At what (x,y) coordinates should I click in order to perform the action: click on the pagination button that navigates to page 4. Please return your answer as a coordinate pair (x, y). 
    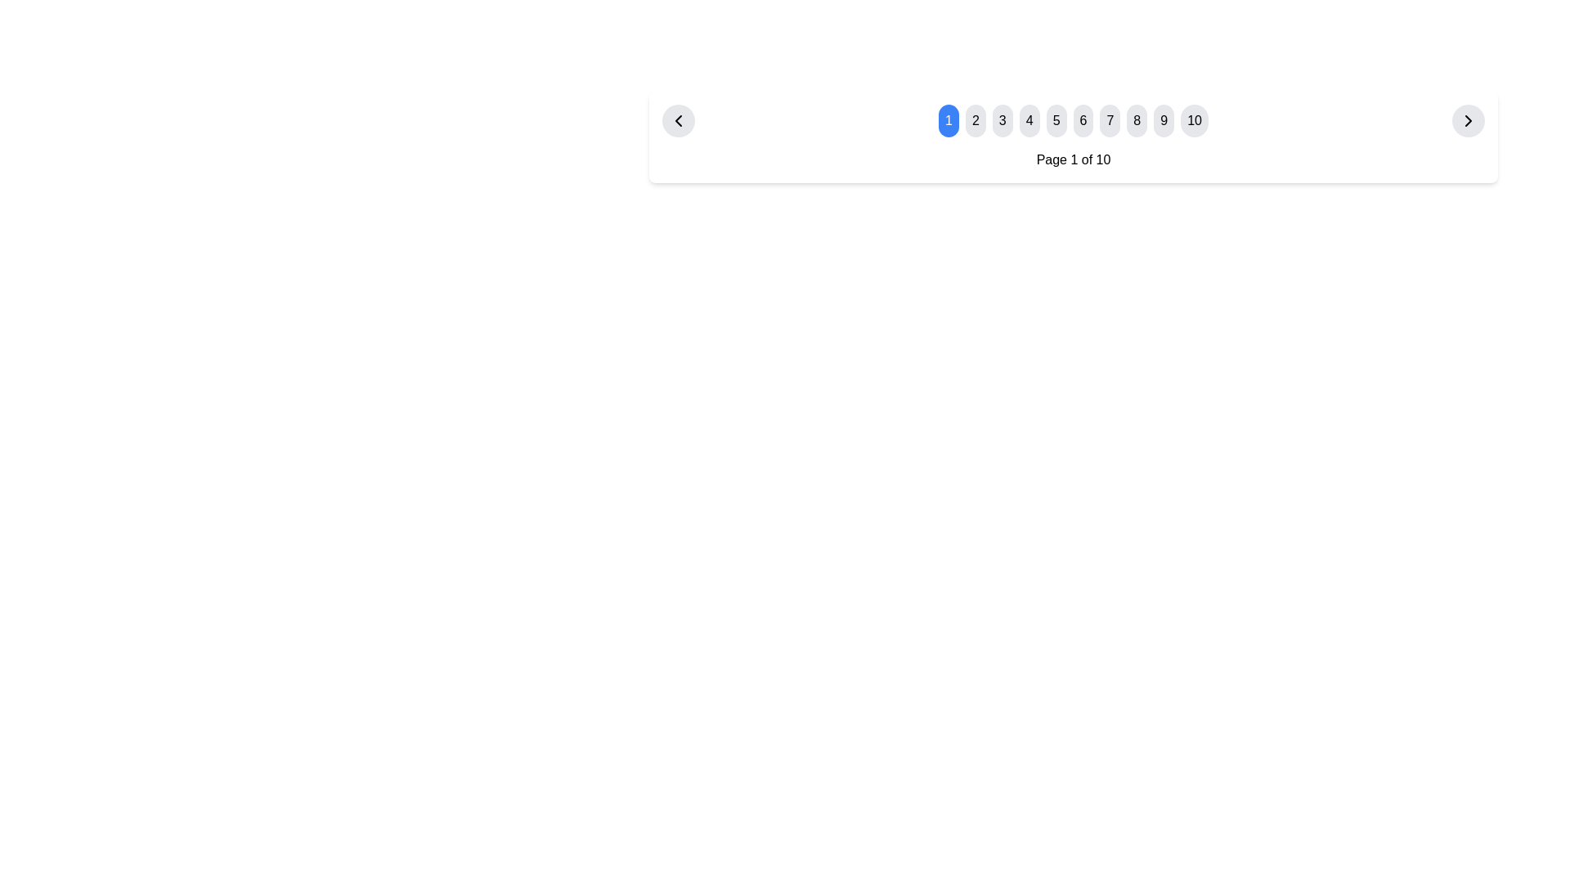
    Looking at the image, I should click on (1029, 119).